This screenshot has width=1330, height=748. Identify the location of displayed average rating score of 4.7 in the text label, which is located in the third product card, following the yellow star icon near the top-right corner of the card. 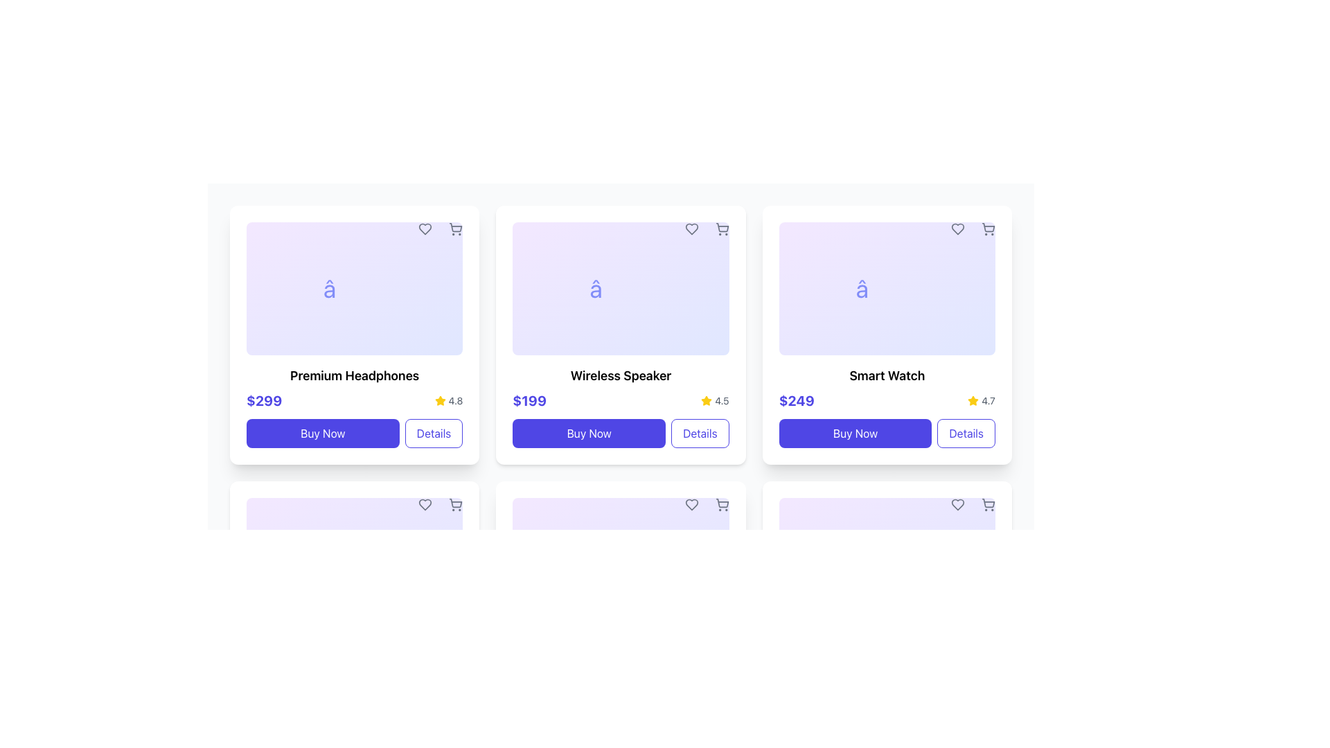
(988, 400).